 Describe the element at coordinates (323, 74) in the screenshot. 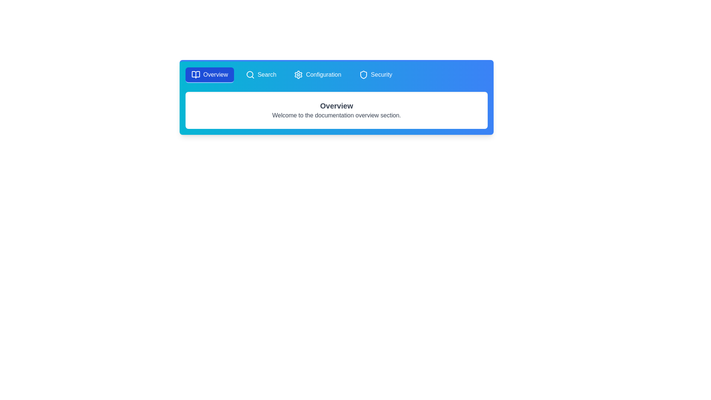

I see `the 'Configuration' text label in the navigation bar` at that location.